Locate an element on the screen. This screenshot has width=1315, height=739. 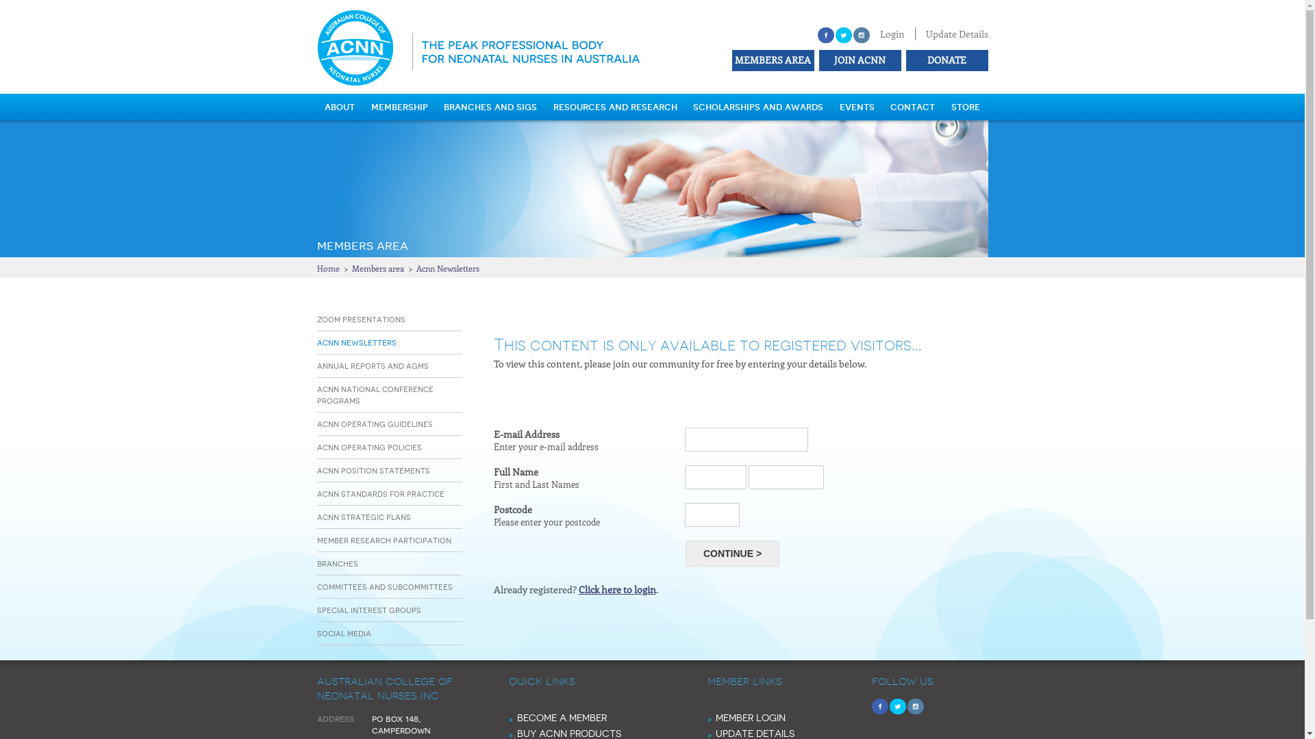
'acnn standards for practice' is located at coordinates (380, 493).